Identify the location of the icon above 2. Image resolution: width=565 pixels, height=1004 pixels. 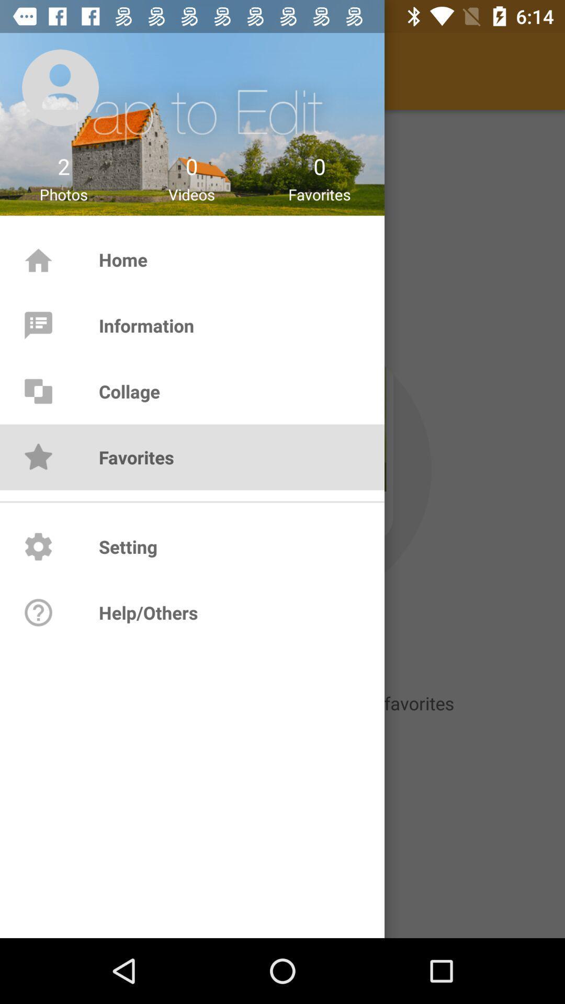
(60, 88).